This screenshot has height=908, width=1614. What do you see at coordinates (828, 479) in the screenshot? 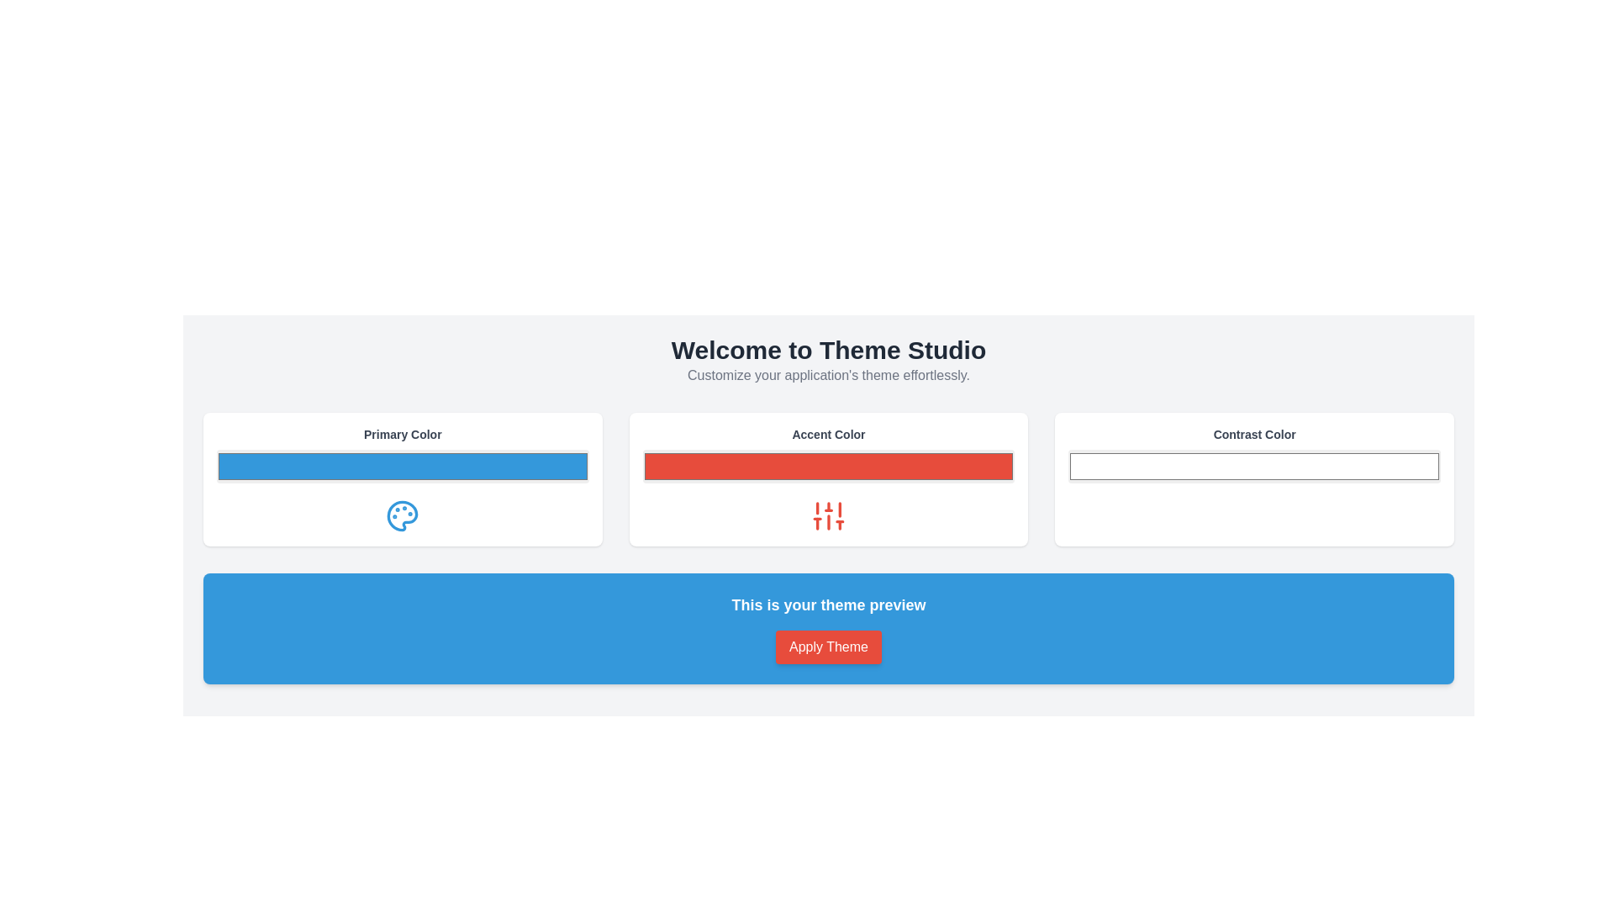
I see `the red-filled rectangular color box of the Interactive color picker labeled 'Accent Color'` at bounding box center [828, 479].